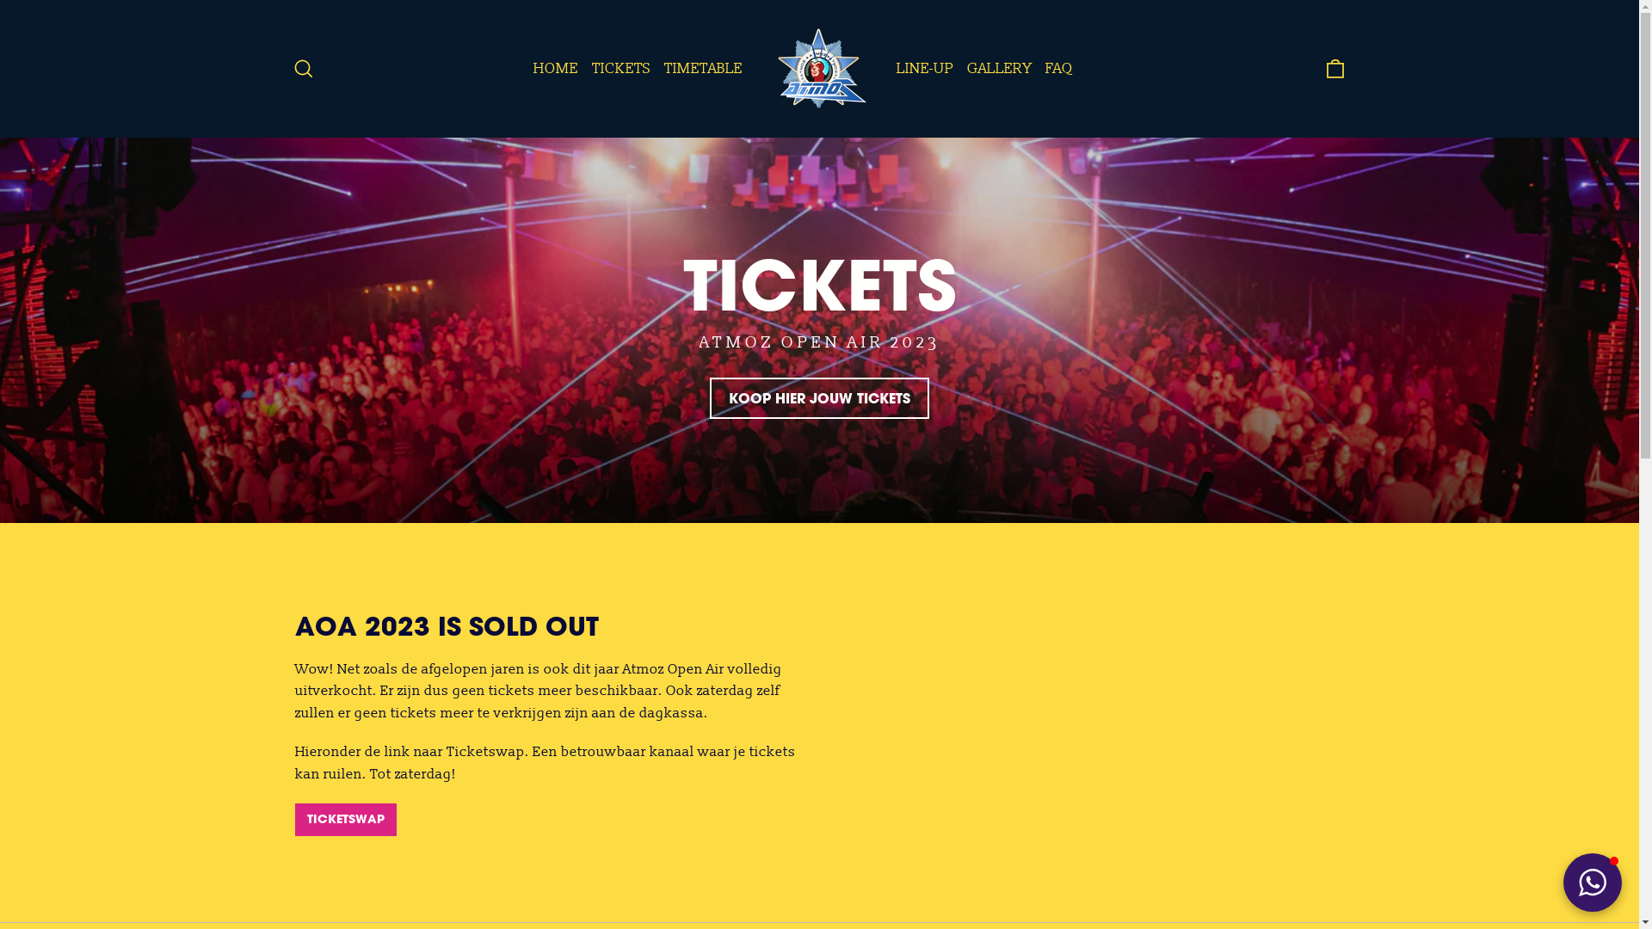 This screenshot has width=1652, height=929. What do you see at coordinates (818, 398) in the screenshot?
I see `'KOOP HIER JOUW TICKETS'` at bounding box center [818, 398].